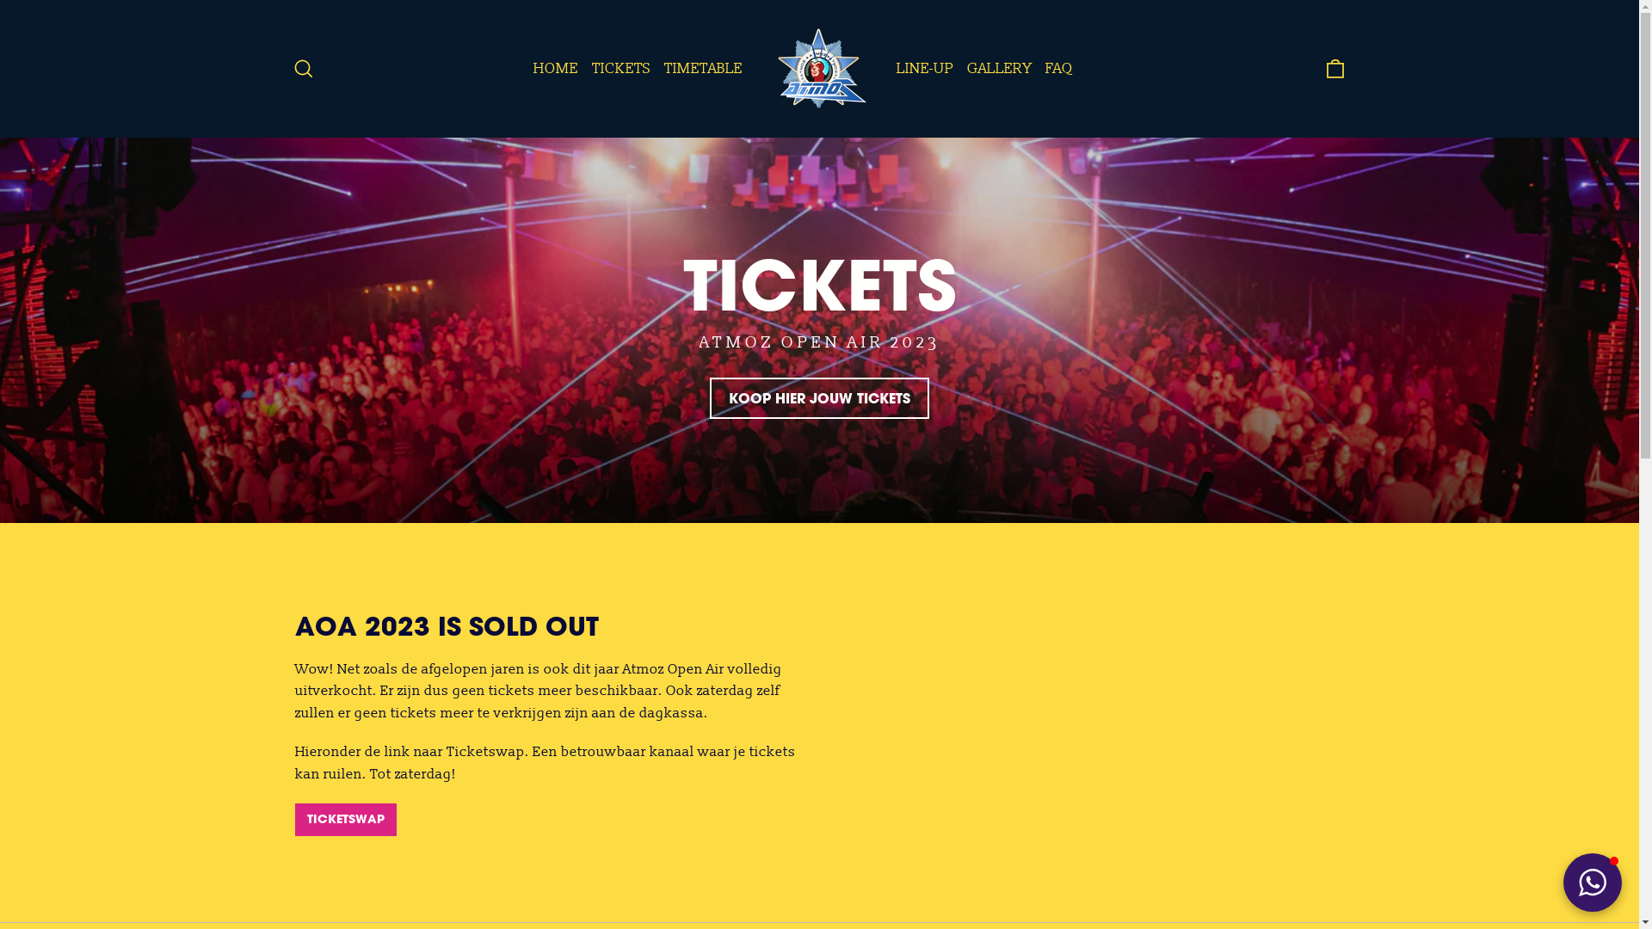 This screenshot has width=1652, height=929. What do you see at coordinates (818, 398) in the screenshot?
I see `'KOOP HIER JOUW TICKETS'` at bounding box center [818, 398].